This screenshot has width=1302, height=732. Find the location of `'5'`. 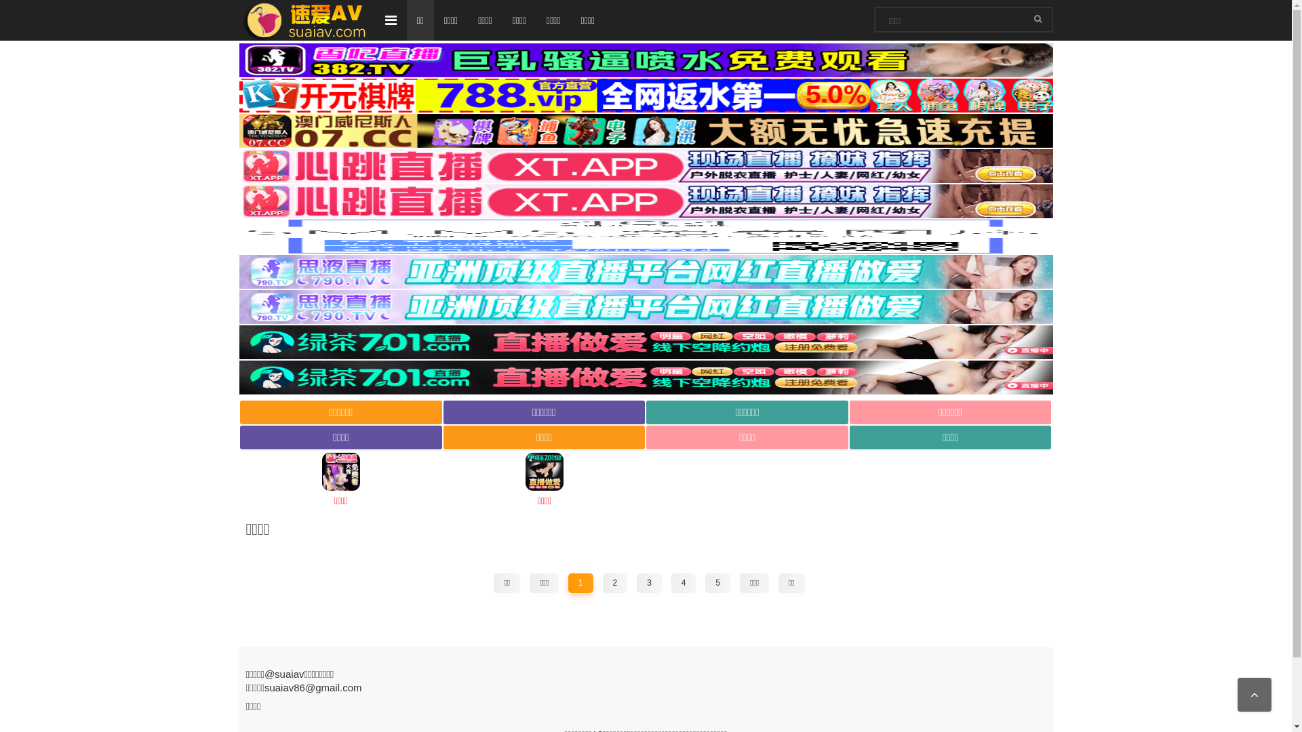

'5' is located at coordinates (717, 582).